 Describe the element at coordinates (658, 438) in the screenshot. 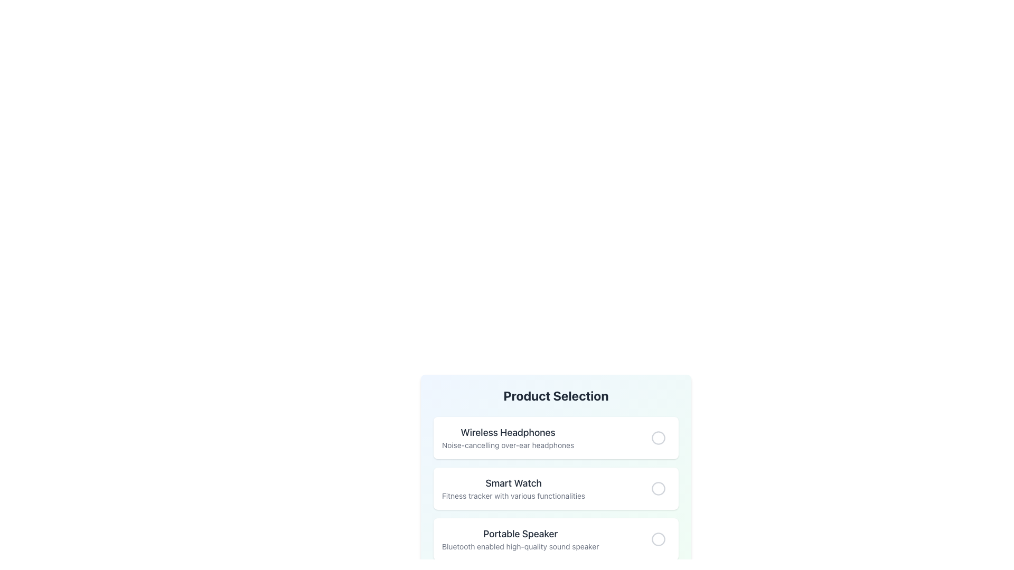

I see `the circular element with a grey border and a white background located to the right of the 'Wireless Headphones' list item` at that location.